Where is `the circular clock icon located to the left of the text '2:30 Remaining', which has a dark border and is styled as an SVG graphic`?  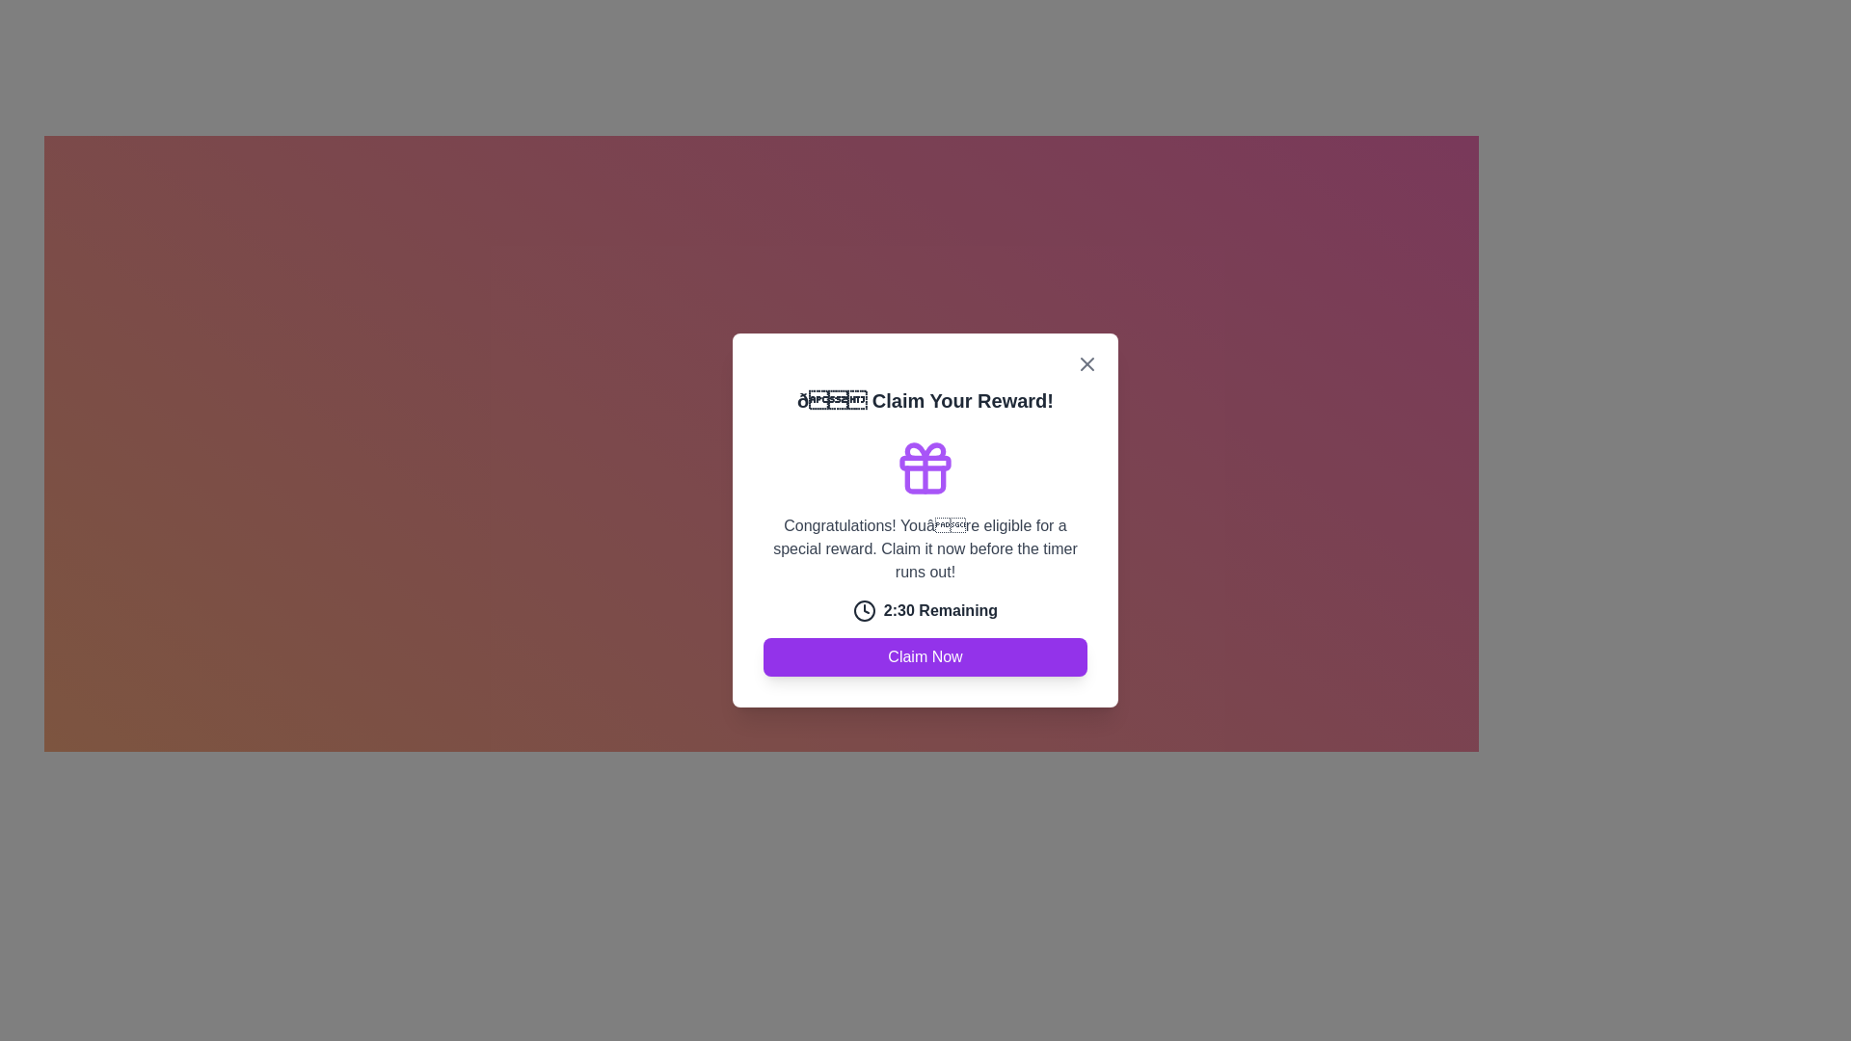
the circular clock icon located to the left of the text '2:30 Remaining', which has a dark border and is styled as an SVG graphic is located at coordinates (863, 610).